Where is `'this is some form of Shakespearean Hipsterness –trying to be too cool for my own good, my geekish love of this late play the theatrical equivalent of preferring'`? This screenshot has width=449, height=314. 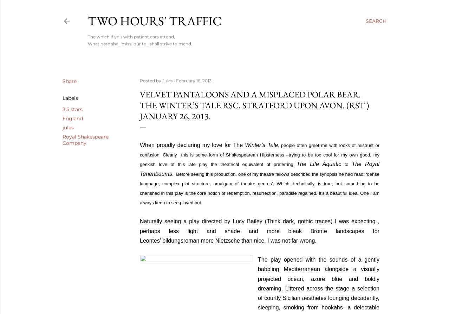 'this is some form of Shakespearean Hipsterness –trying to be too cool for my own good, my geekish love of this late play the theatrical equivalent of preferring' is located at coordinates (259, 159).